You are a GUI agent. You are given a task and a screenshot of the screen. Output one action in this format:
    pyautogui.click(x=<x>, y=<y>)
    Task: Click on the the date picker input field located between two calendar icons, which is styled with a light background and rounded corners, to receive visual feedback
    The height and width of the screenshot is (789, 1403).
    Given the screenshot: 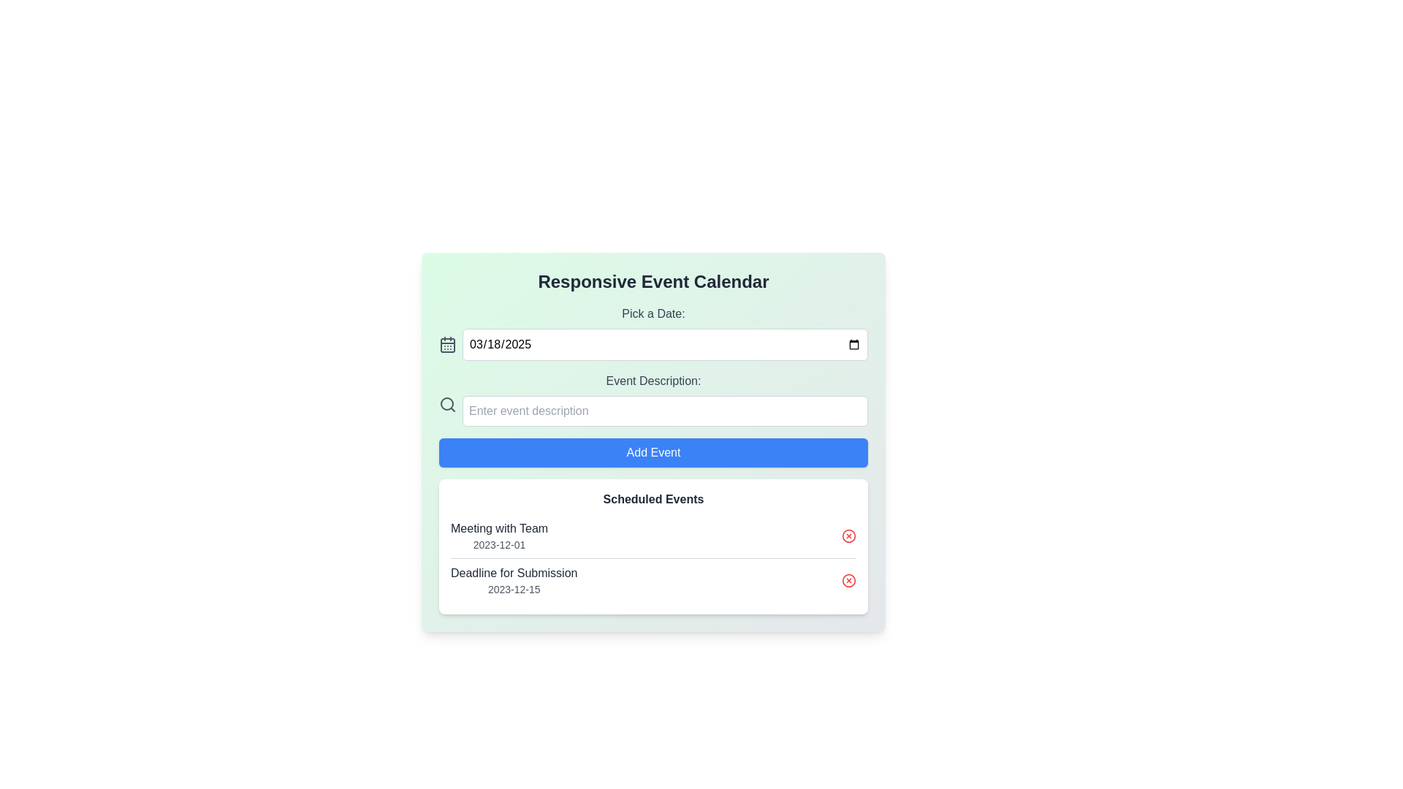 What is the action you would take?
    pyautogui.click(x=653, y=344)
    